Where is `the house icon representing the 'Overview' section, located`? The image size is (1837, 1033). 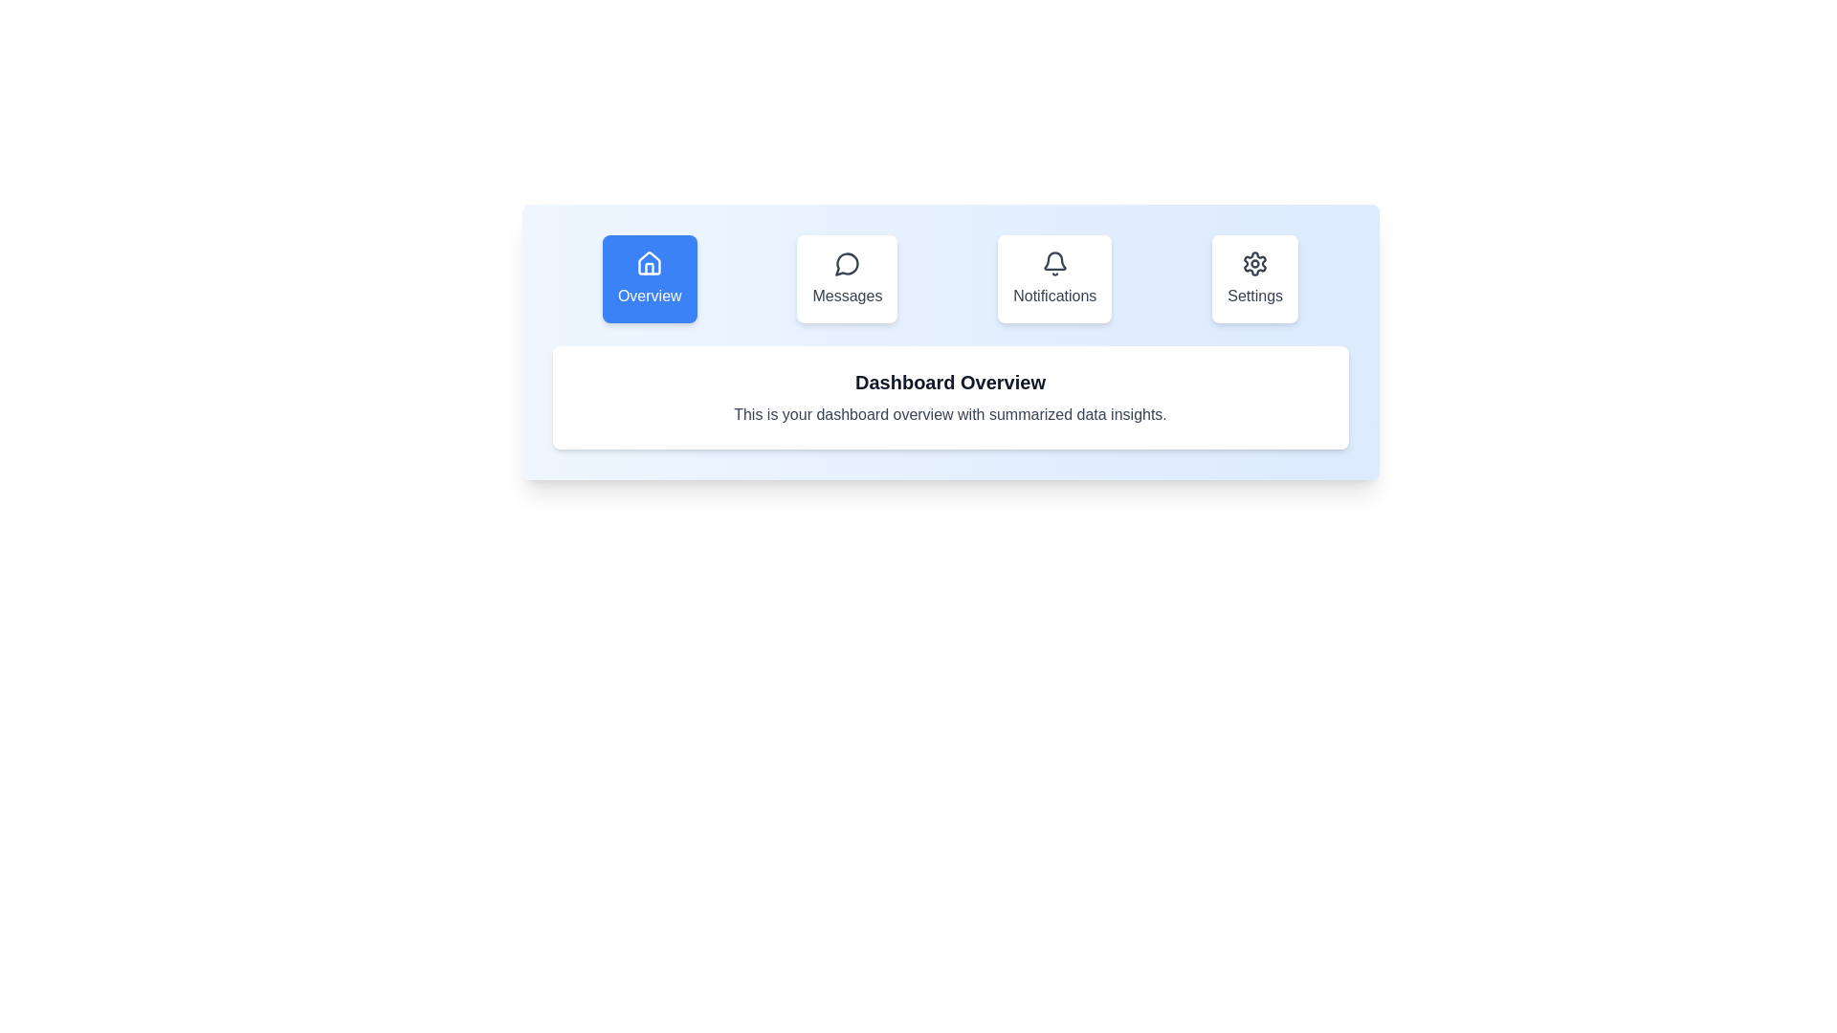 the house icon representing the 'Overview' section, located is located at coordinates (650, 264).